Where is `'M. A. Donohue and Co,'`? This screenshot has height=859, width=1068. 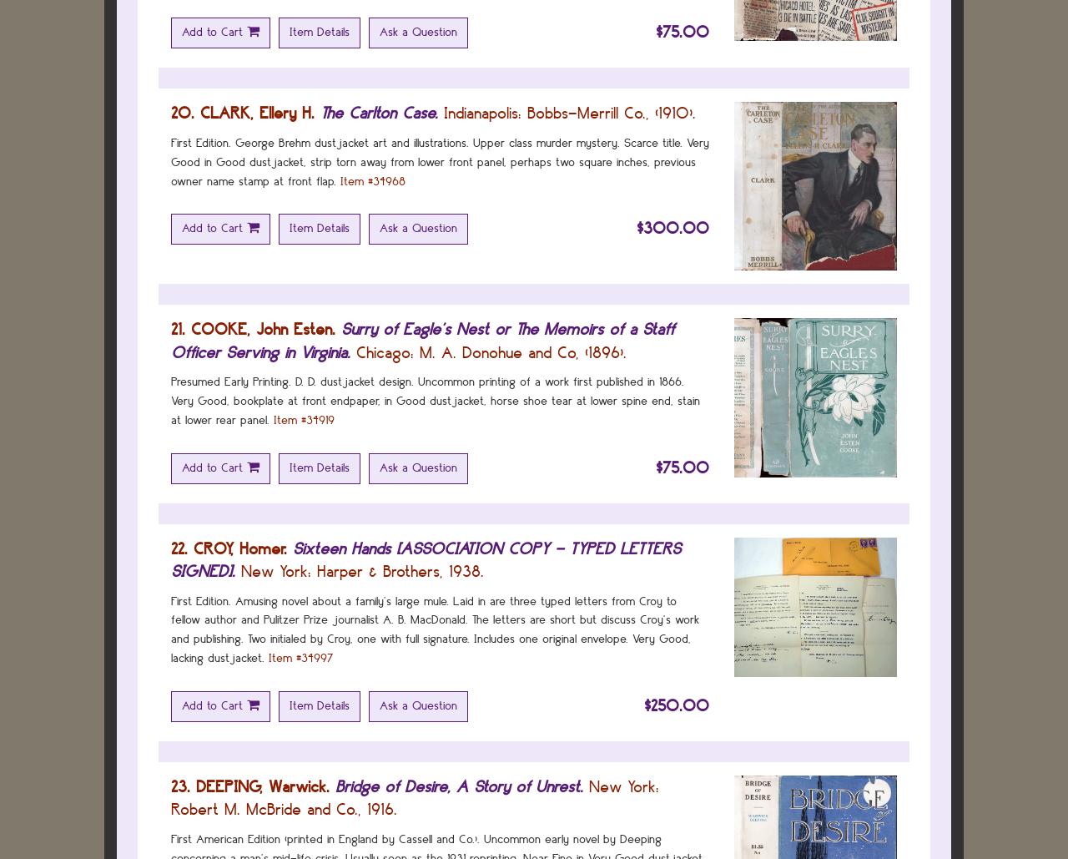
'M. A. Donohue and Co,' is located at coordinates (498, 351).